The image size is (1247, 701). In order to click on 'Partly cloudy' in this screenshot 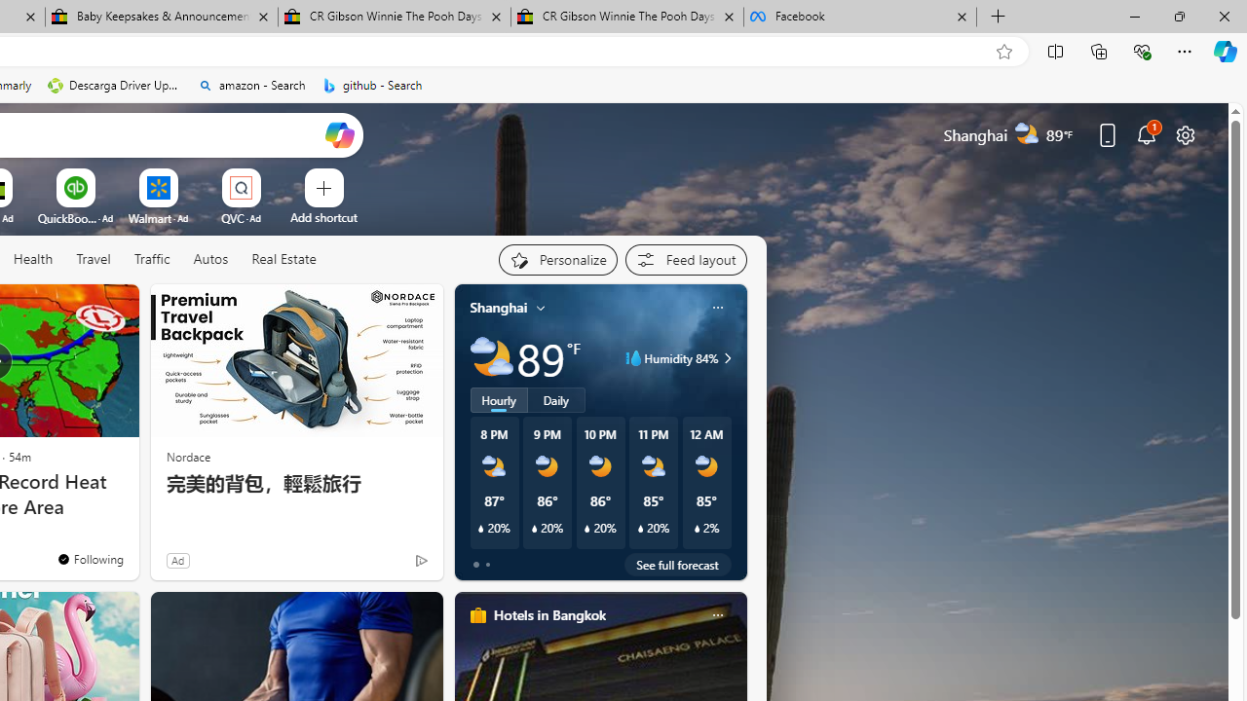, I will do `click(491, 358)`.